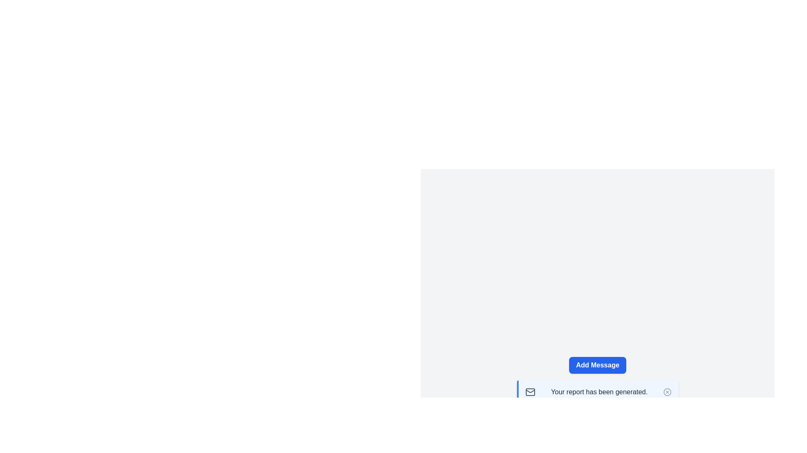 This screenshot has width=807, height=453. What do you see at coordinates (667, 392) in the screenshot?
I see `the close button for the message 'Your report has been generated.'` at bounding box center [667, 392].